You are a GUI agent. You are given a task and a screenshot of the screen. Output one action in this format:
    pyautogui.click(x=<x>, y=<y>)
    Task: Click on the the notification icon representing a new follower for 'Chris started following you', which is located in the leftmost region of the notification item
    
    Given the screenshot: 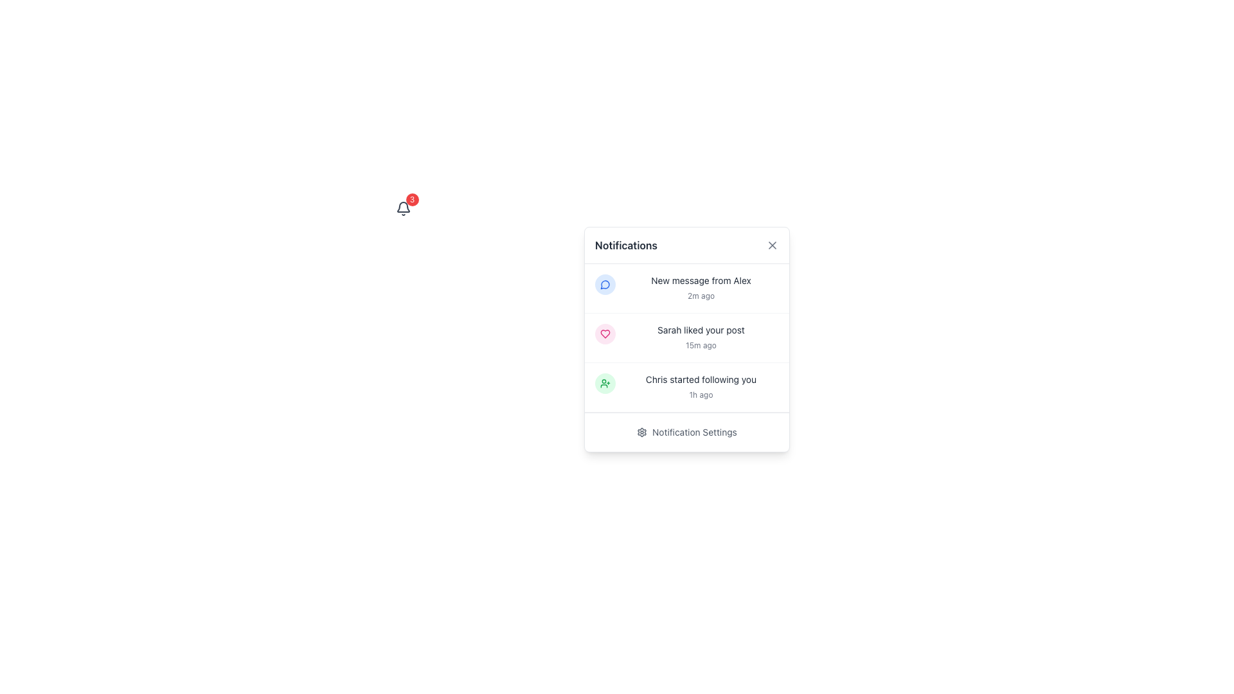 What is the action you would take?
    pyautogui.click(x=604, y=383)
    